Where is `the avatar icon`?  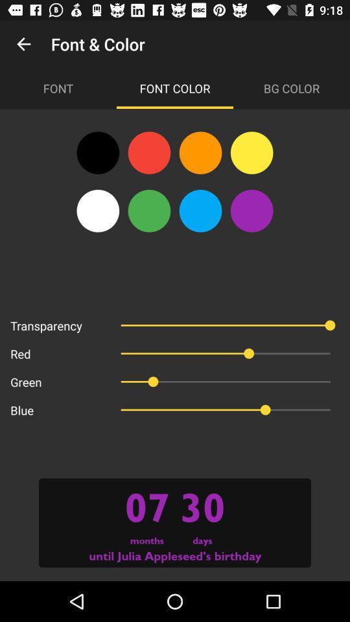 the avatar icon is located at coordinates (148, 153).